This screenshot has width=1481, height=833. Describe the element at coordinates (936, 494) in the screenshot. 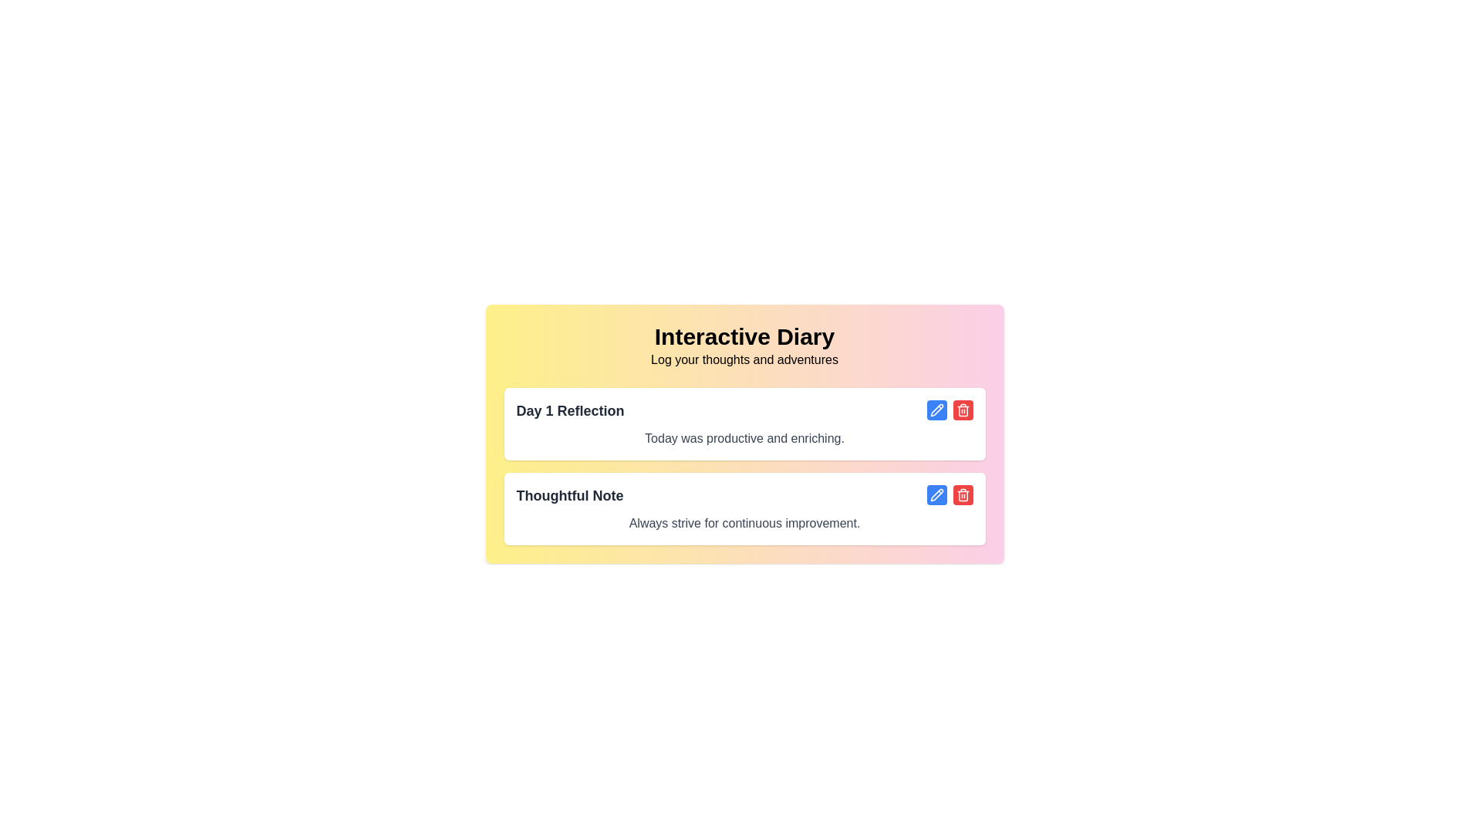

I see `the leftmost button in the row of interactive controls for the 'Thoughtful Note'` at that location.